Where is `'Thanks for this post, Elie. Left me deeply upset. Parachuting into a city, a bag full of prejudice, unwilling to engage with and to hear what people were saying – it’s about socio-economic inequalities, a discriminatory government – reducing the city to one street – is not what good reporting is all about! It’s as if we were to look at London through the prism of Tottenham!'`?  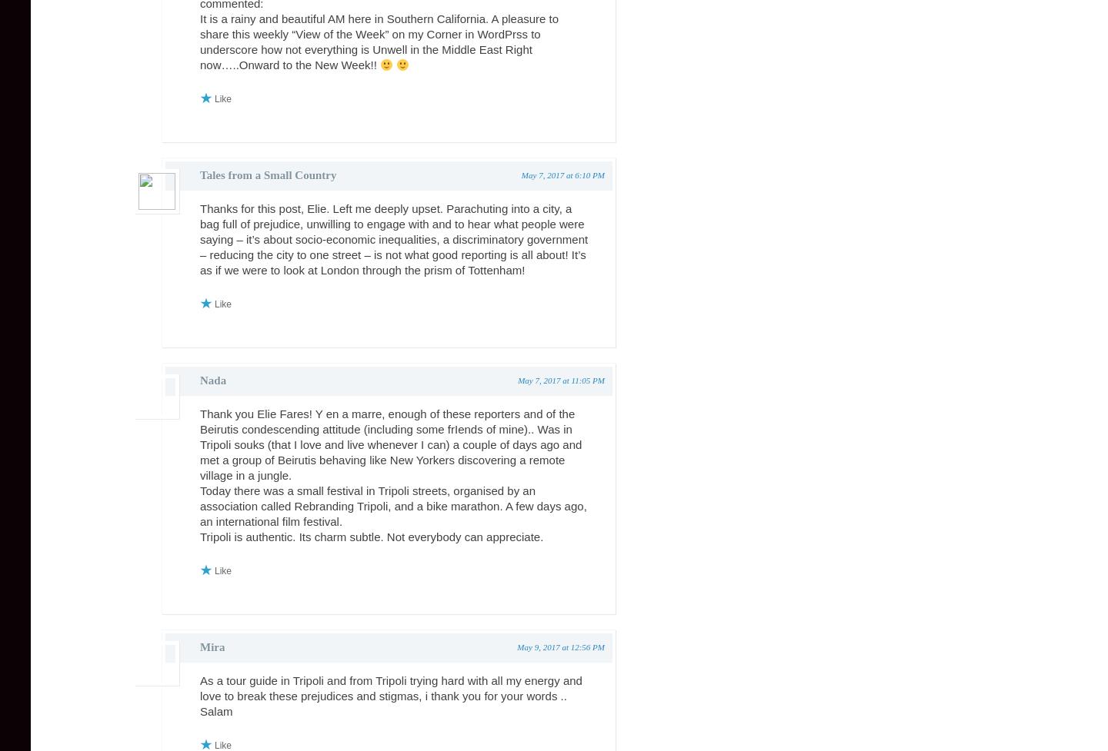 'Thanks for this post, Elie. Left me deeply upset. Parachuting into a city, a bag full of prejudice, unwilling to engage with and to hear what people were saying – it’s about socio-economic inequalities, a discriminatory government – reducing the city to one street – is not what good reporting is all about! It’s as if we were to look at London through the prism of Tottenham!' is located at coordinates (393, 238).